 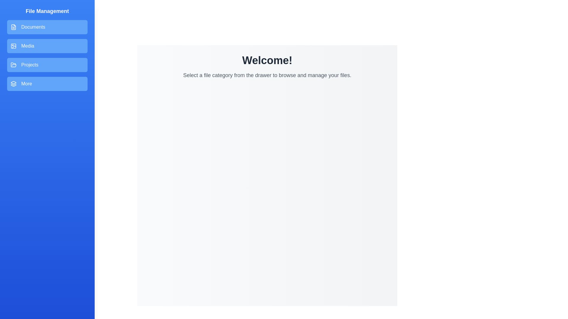 I want to click on the 'Media' option in the drawer menu, so click(x=47, y=45).